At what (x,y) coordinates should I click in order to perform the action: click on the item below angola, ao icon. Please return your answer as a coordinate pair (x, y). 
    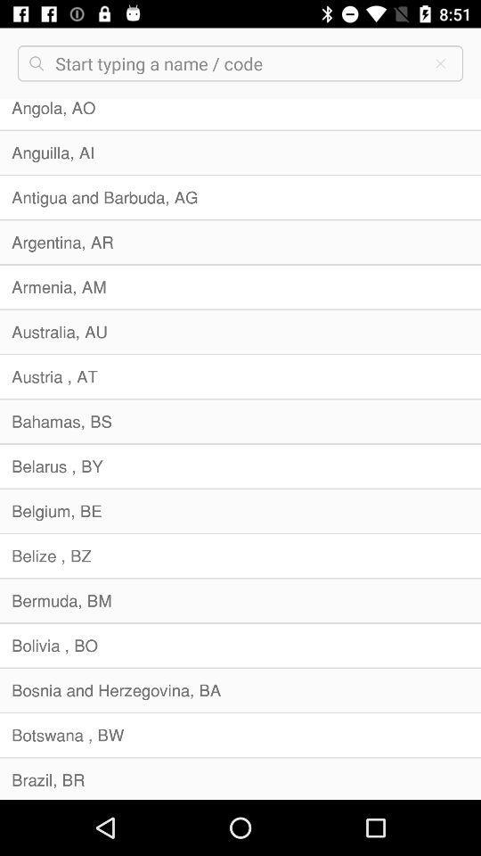
    Looking at the image, I should click on (240, 152).